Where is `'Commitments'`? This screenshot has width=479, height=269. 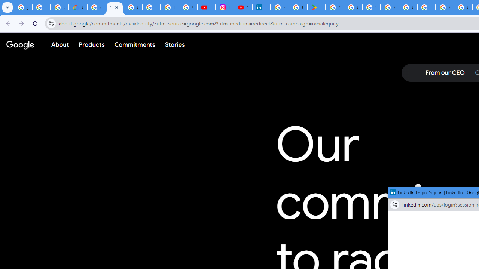 'Commitments' is located at coordinates (134, 44).